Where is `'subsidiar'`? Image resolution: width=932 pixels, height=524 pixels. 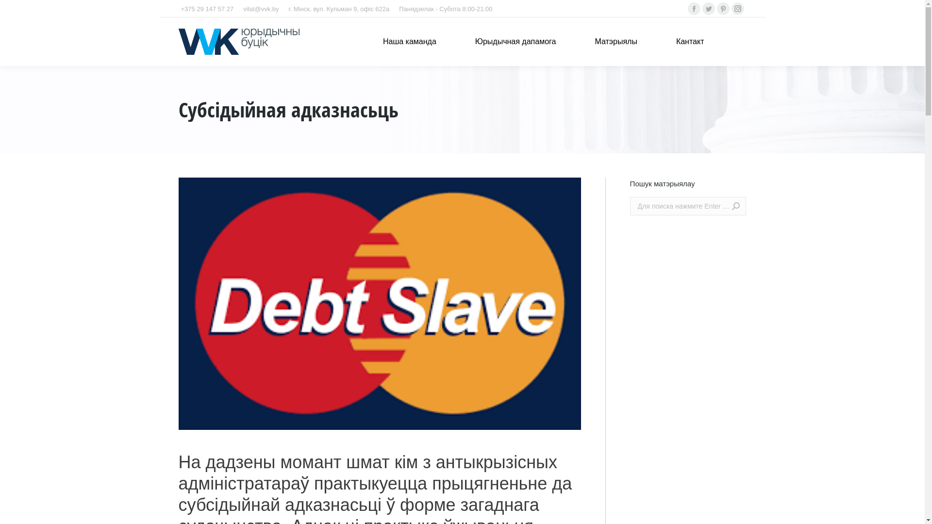
'subsidiar' is located at coordinates (379, 303).